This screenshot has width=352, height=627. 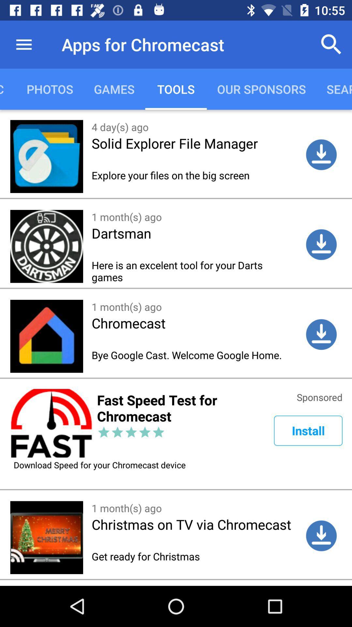 What do you see at coordinates (23, 44) in the screenshot?
I see `icon above music icon` at bounding box center [23, 44].